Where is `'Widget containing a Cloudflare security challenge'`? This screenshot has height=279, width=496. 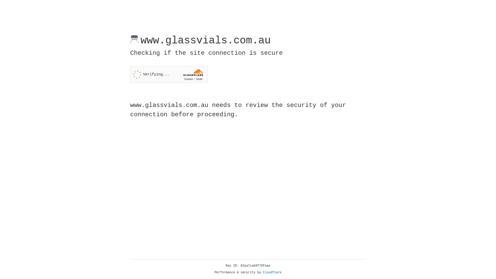
'Widget containing a Cloudflare security challenge' is located at coordinates (169, 74).